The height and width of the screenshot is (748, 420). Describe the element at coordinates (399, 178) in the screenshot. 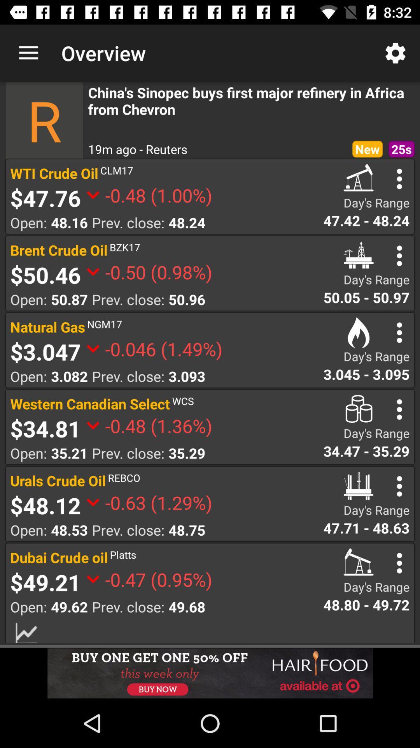

I see `options` at that location.